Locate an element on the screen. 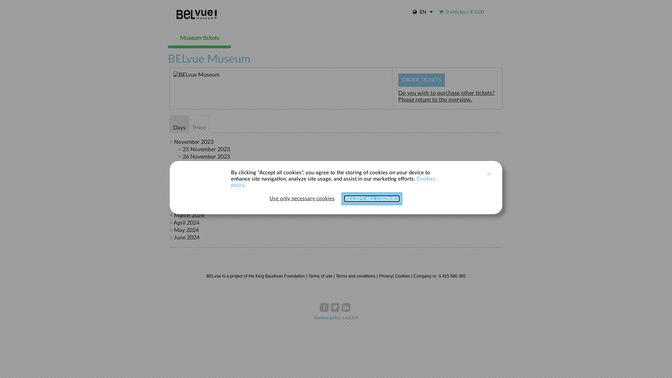 This screenshot has width=672, height=378. '+' is located at coordinates (171, 230).